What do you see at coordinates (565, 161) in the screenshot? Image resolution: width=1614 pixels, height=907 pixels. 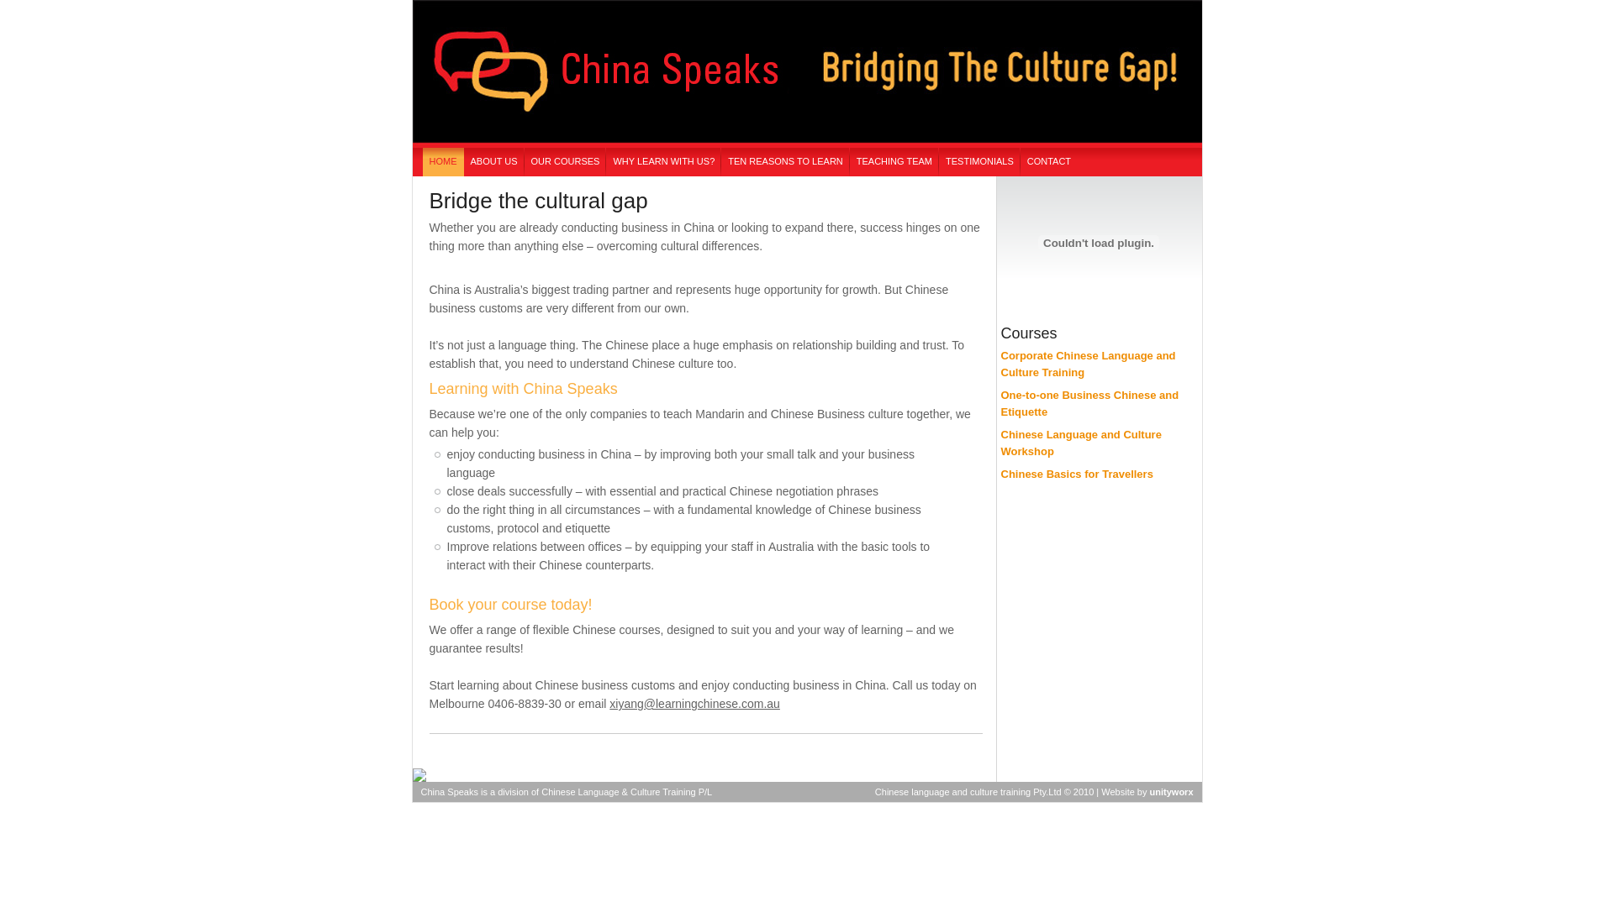 I see `'OUR COURSES'` at bounding box center [565, 161].